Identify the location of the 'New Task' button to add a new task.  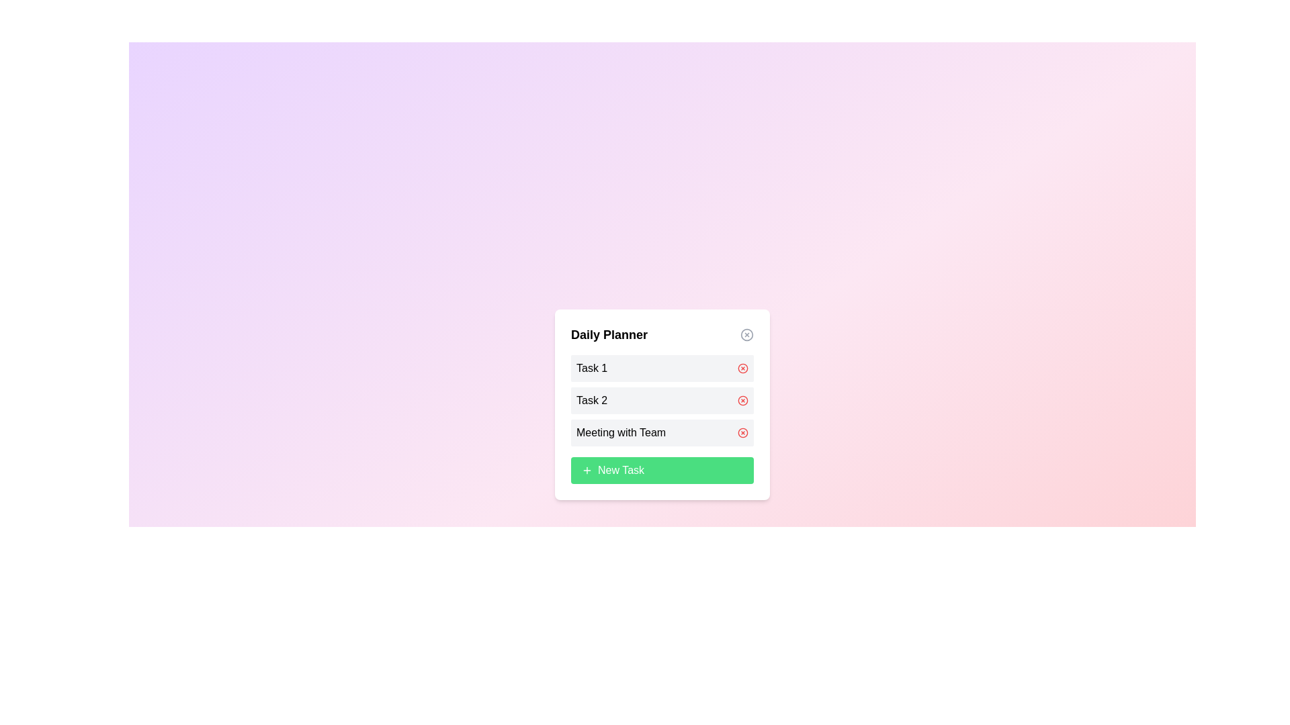
(662, 470).